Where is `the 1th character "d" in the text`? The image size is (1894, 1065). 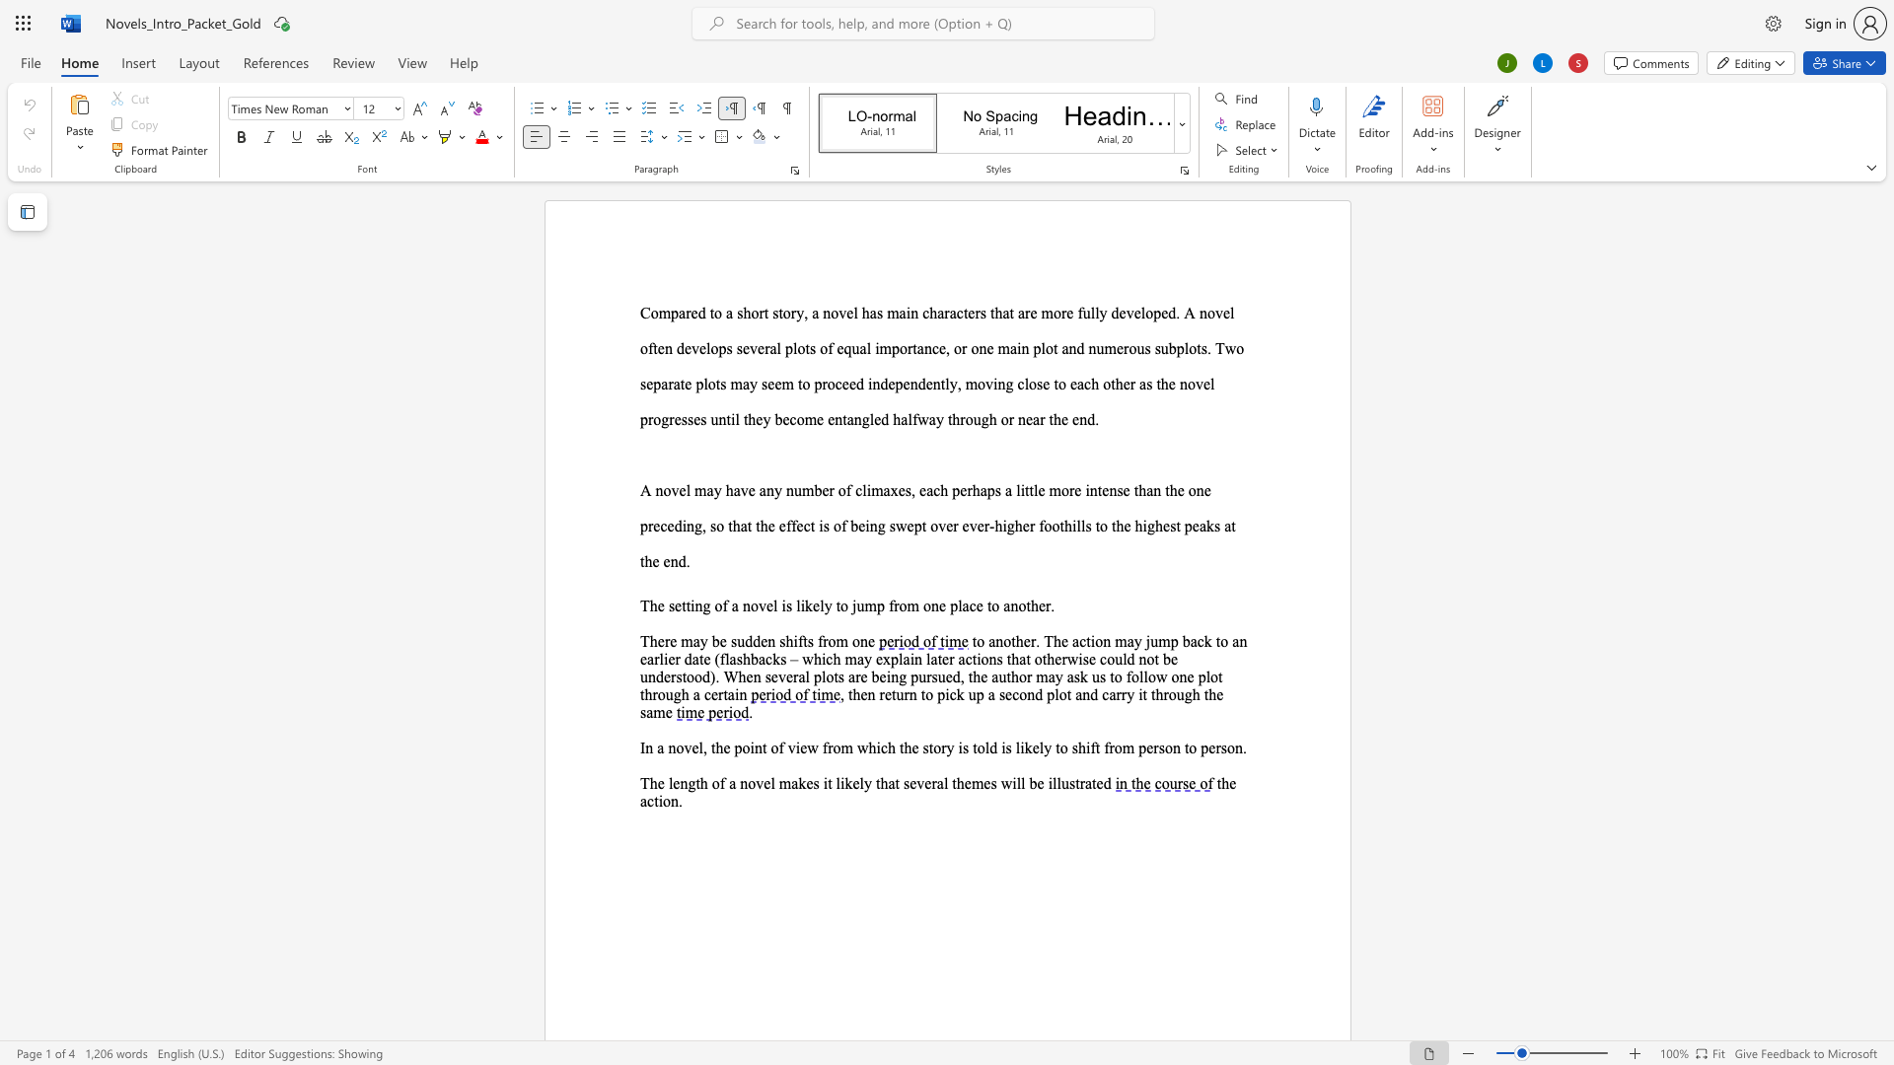 the 1th character "d" in the text is located at coordinates (993, 747).